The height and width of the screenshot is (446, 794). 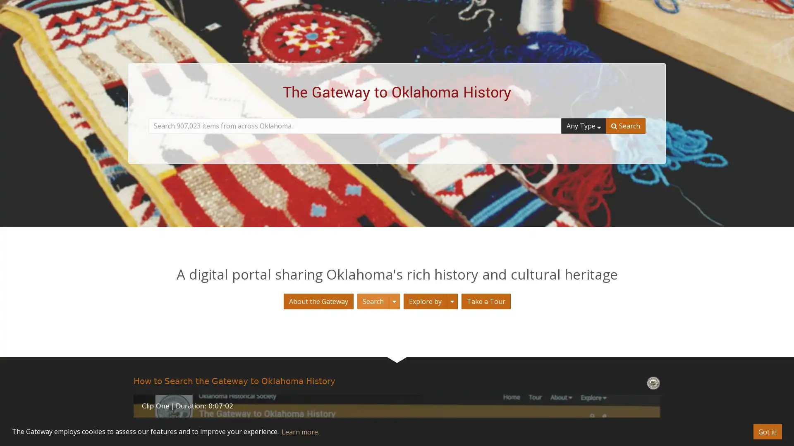 What do you see at coordinates (583, 126) in the screenshot?
I see `This button allows you to pre-filter your search to a specific type of object. Default behavior is to apply your search terms to all item types.` at bounding box center [583, 126].